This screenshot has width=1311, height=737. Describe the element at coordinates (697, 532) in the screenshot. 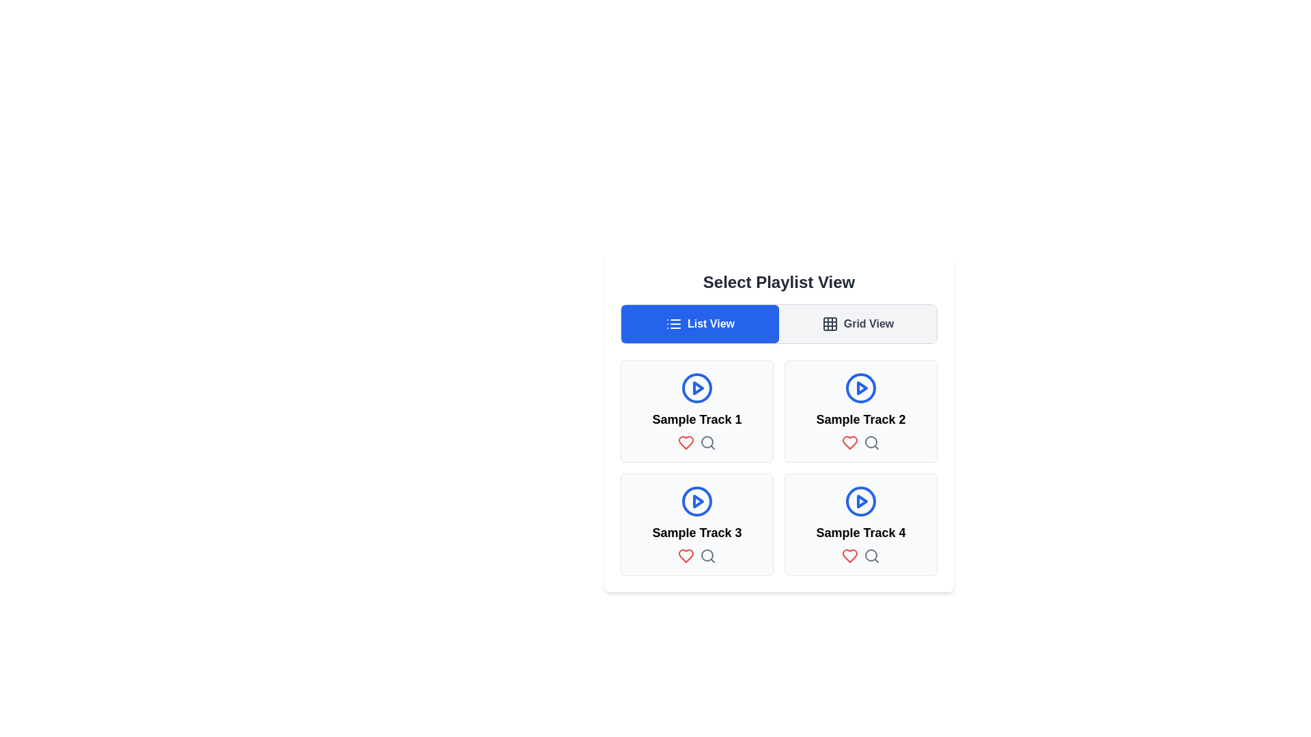

I see `the Text Label located in the lower row of the grid layout, specifically in the left cell of the second row, which helps users identify the associated item` at that location.